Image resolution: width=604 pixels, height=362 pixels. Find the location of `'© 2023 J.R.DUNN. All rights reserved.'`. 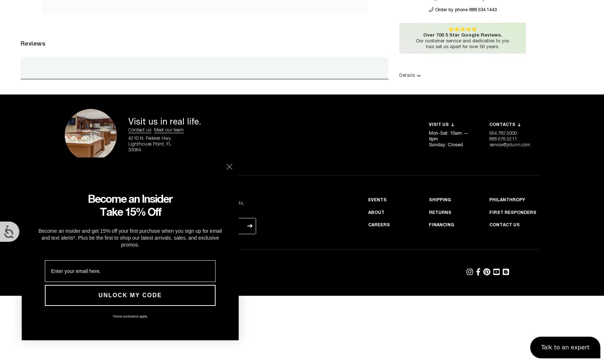

'© 2023 J.R.DUNN. All rights reserved.' is located at coordinates (153, 266).